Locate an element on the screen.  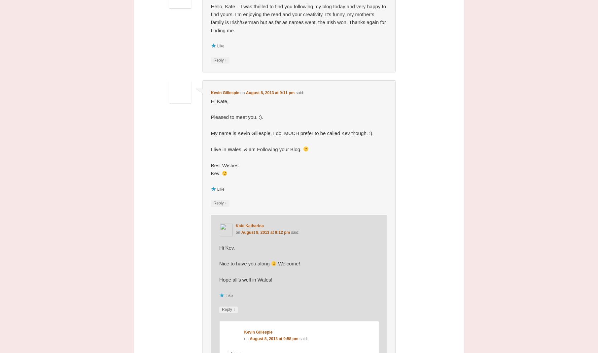
'August 8, 2013 at 9:11 pm' is located at coordinates (270, 93).